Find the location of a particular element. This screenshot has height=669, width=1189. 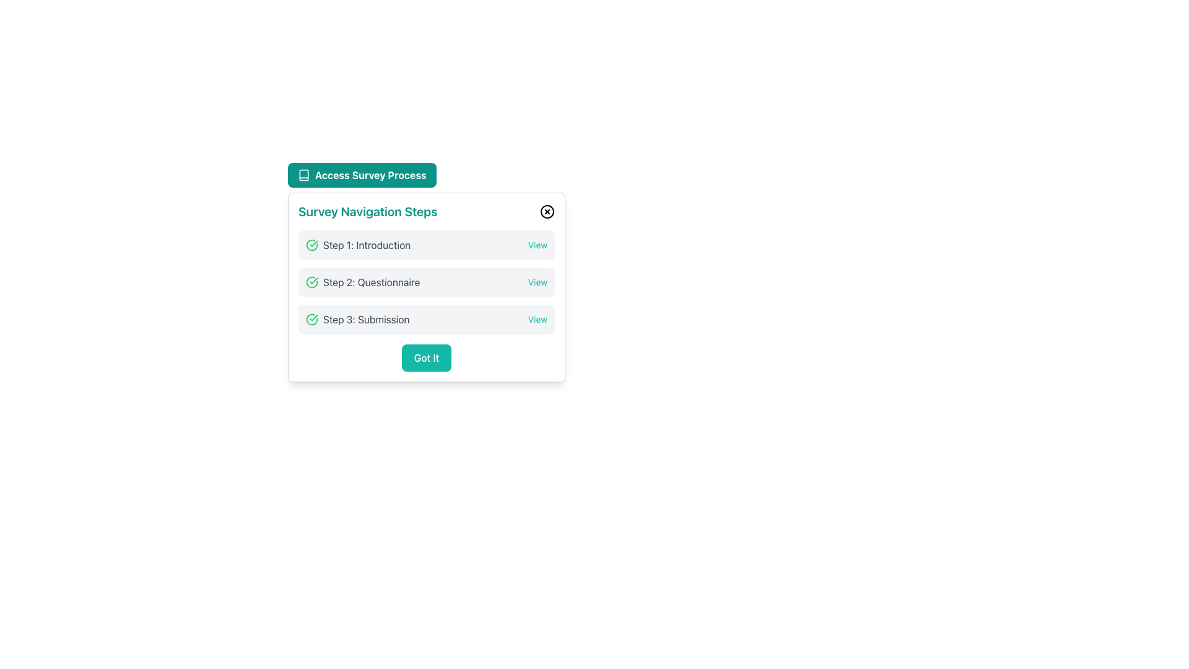

the circular green icon with a checkmark located to the left of the label 'Step 1: Introduction' is located at coordinates (312, 245).